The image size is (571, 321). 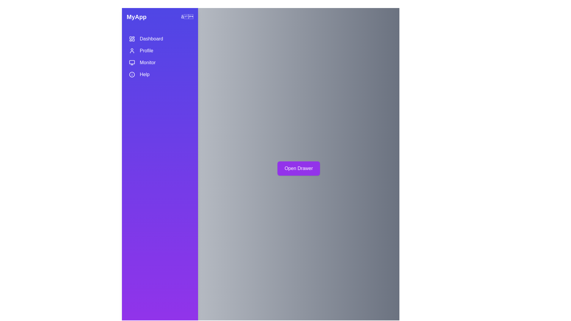 What do you see at coordinates (160, 50) in the screenshot?
I see `the interactive element Profile to observe visual feedback` at bounding box center [160, 50].